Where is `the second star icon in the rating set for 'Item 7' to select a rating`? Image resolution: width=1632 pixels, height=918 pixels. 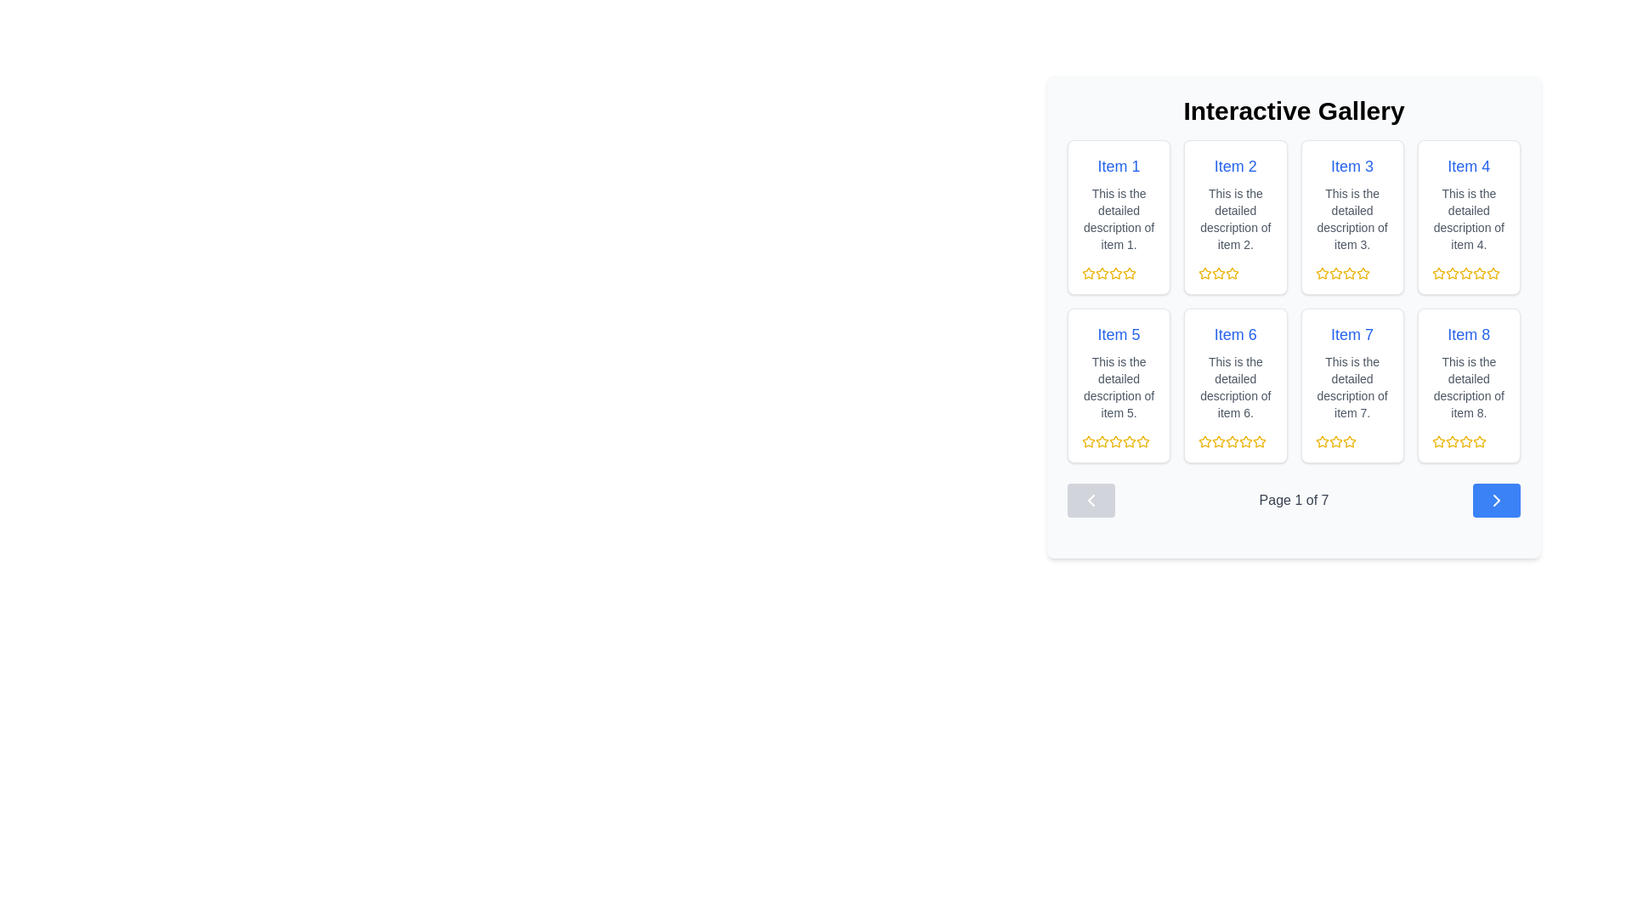 the second star icon in the rating set for 'Item 7' to select a rating is located at coordinates (1334, 440).